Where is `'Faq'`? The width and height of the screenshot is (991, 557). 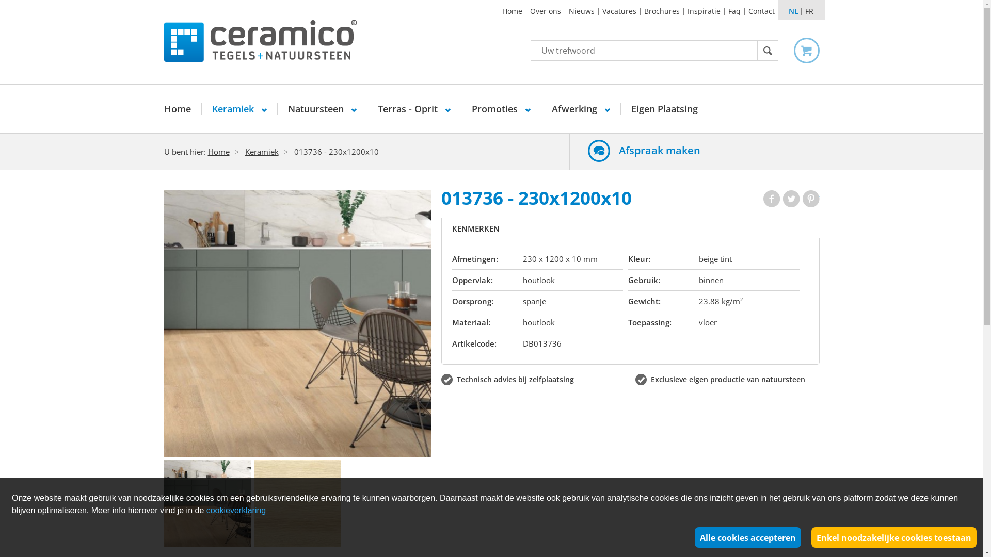 'Faq' is located at coordinates (724, 11).